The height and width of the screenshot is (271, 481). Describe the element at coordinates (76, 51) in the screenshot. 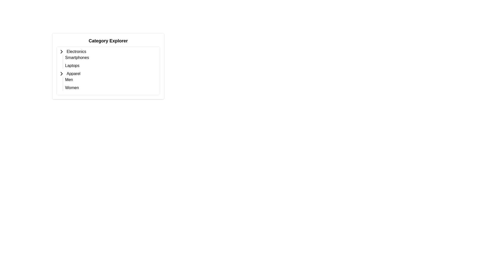

I see `the 'Electronics' text label under the 'Category Explorer' section` at that location.